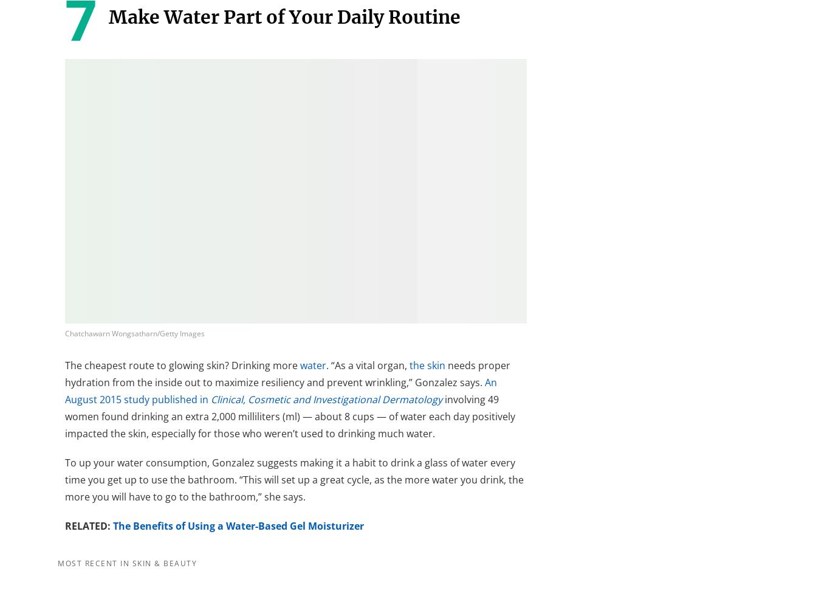 This screenshot has width=830, height=613. What do you see at coordinates (108, 17) in the screenshot?
I see `'Make Water Part of Your Daily Routine'` at bounding box center [108, 17].